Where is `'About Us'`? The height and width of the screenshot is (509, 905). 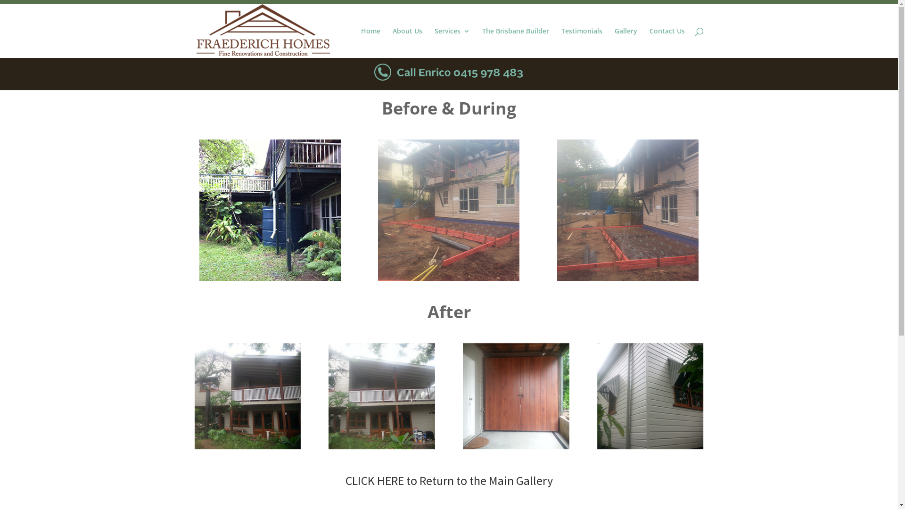
'About Us' is located at coordinates (407, 43).